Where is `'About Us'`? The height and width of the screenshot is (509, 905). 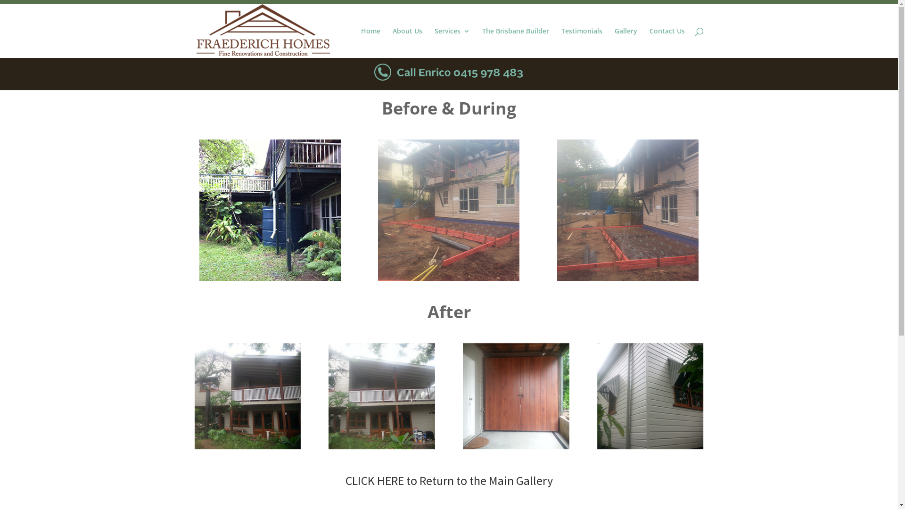
'About Us' is located at coordinates (407, 43).